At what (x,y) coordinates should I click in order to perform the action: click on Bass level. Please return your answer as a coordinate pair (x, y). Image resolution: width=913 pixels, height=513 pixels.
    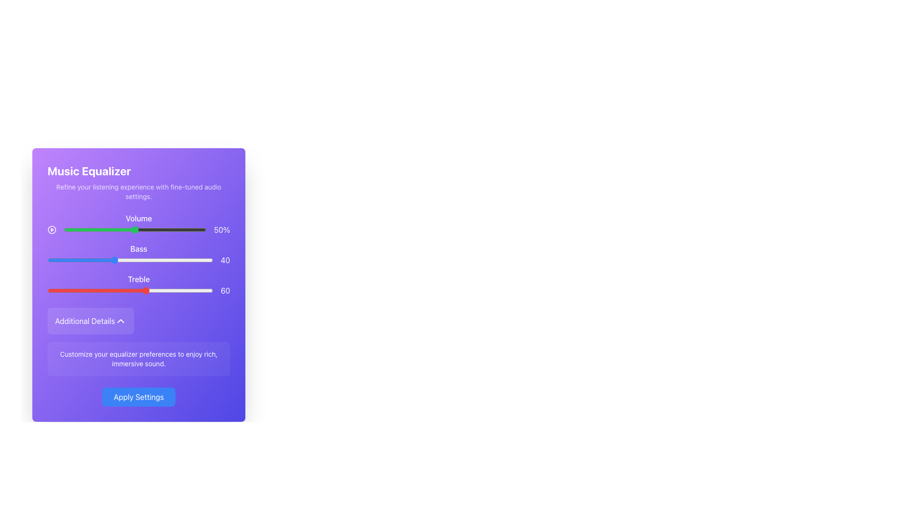
    Looking at the image, I should click on (57, 260).